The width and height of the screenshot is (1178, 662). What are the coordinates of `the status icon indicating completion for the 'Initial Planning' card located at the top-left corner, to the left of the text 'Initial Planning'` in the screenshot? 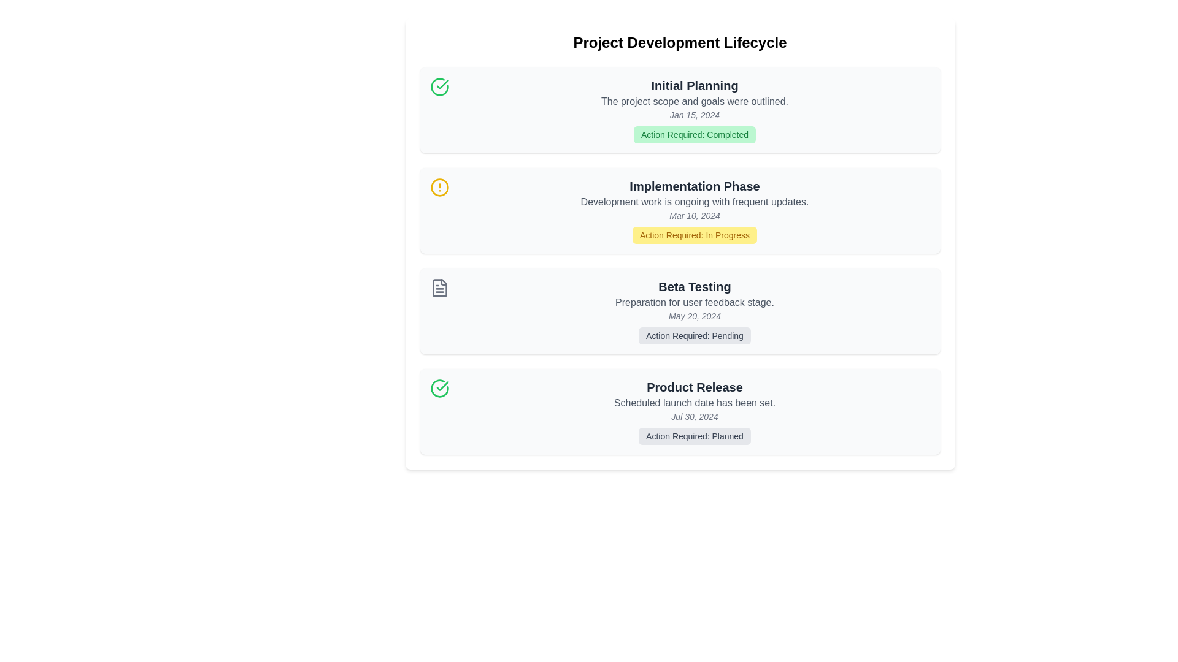 It's located at (439, 86).